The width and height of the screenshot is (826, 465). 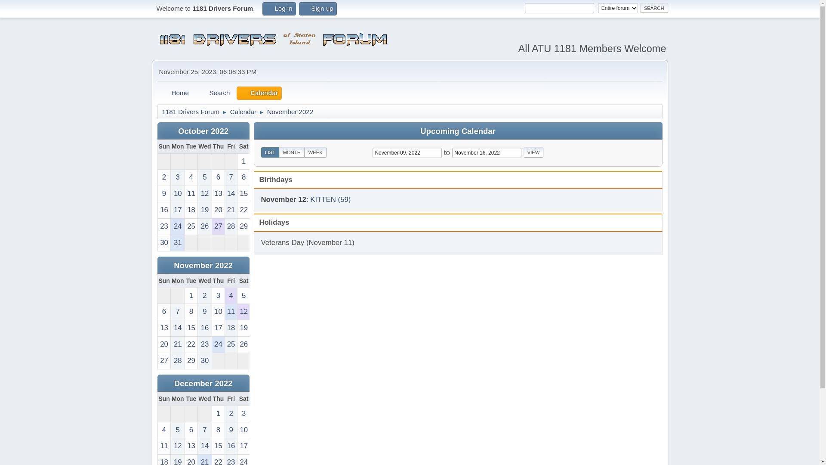 I want to click on '1181 Drivers Forum', so click(x=161, y=110).